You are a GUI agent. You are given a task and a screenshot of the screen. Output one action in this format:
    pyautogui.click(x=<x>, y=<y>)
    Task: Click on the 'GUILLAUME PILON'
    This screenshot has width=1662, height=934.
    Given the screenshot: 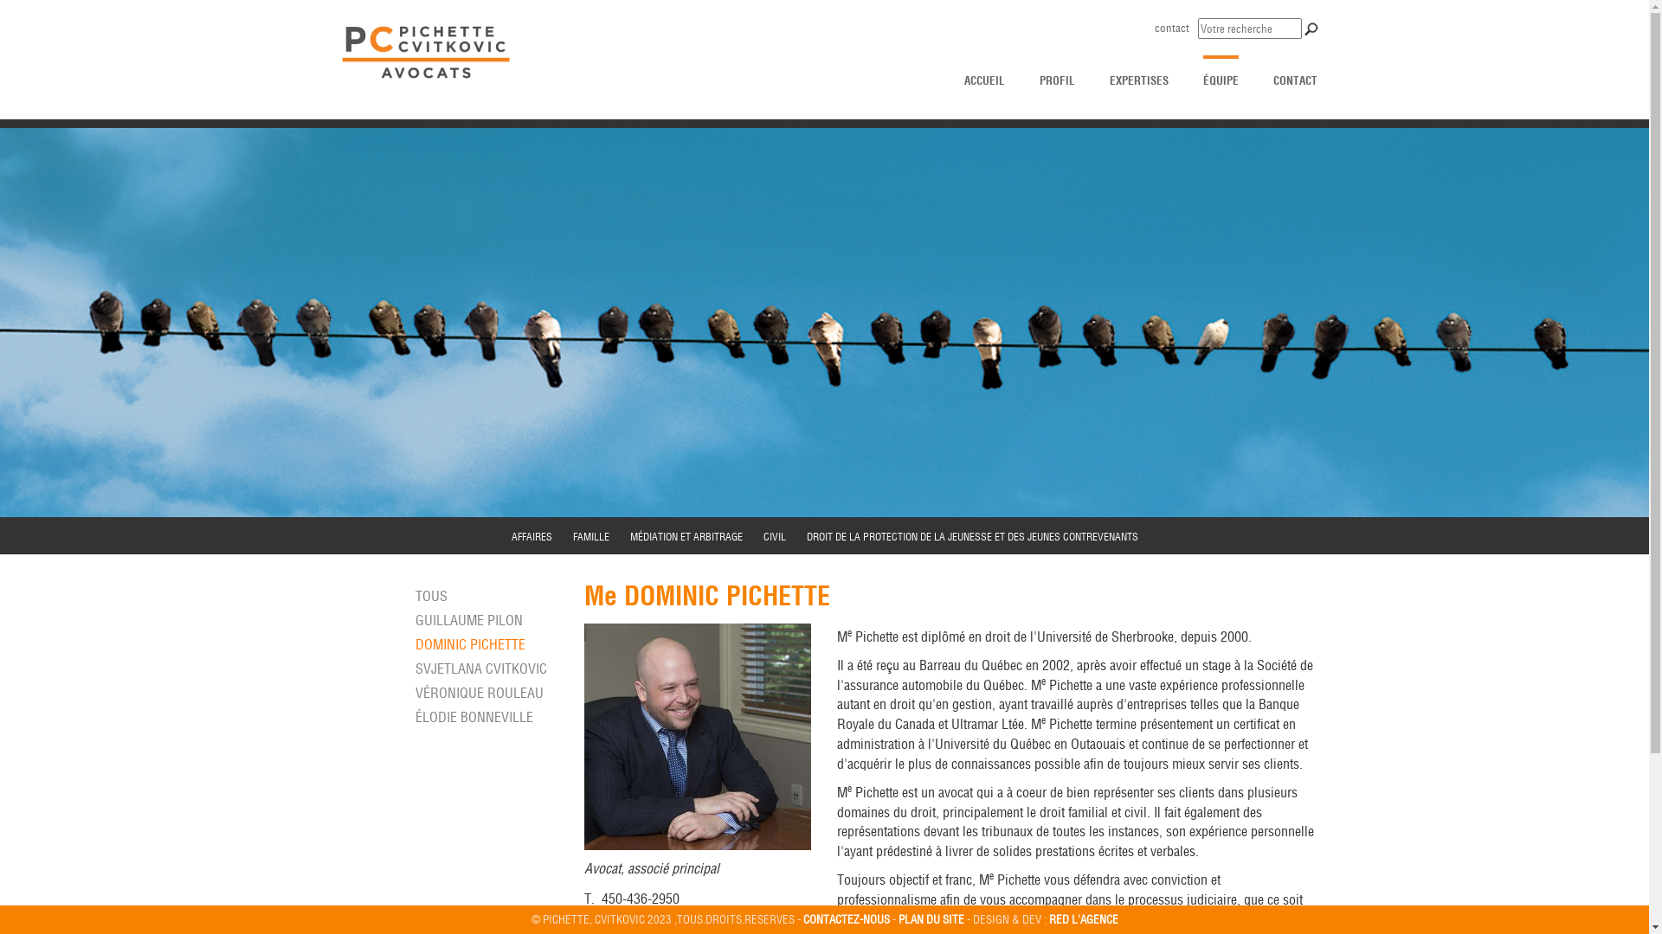 What is the action you would take?
    pyautogui.click(x=469, y=619)
    